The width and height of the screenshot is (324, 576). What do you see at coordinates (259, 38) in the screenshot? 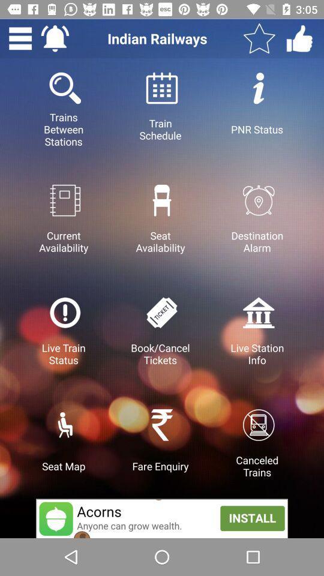
I see `press the favorite icon` at bounding box center [259, 38].